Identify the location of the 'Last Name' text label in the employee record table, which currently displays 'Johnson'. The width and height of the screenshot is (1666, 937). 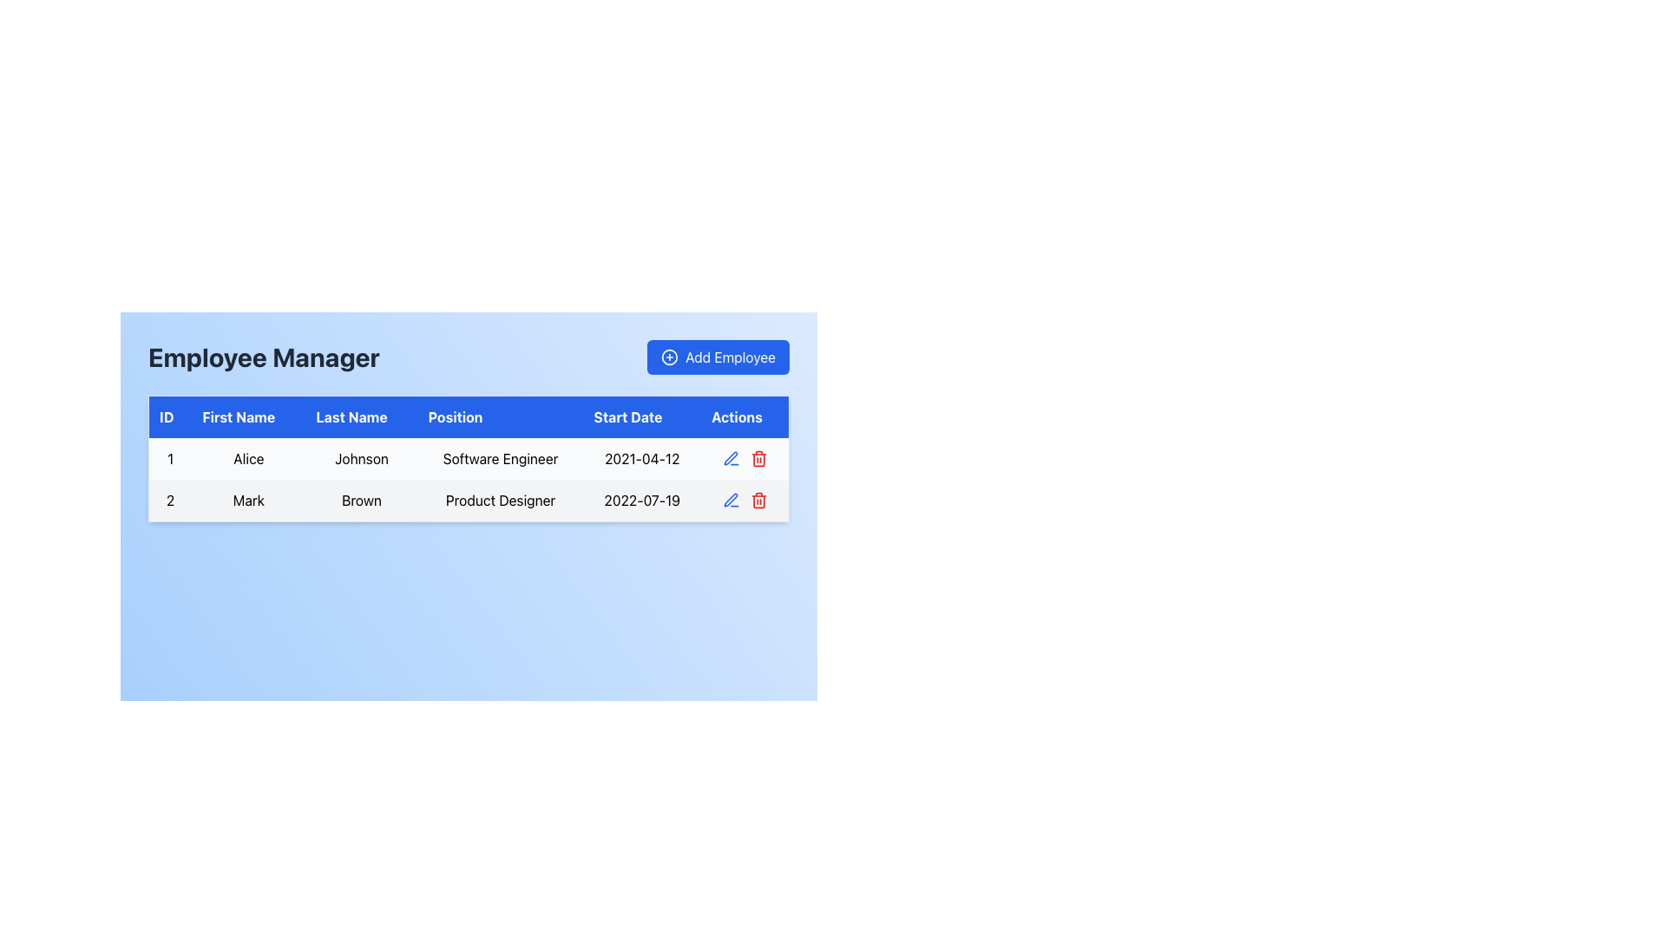
(361, 457).